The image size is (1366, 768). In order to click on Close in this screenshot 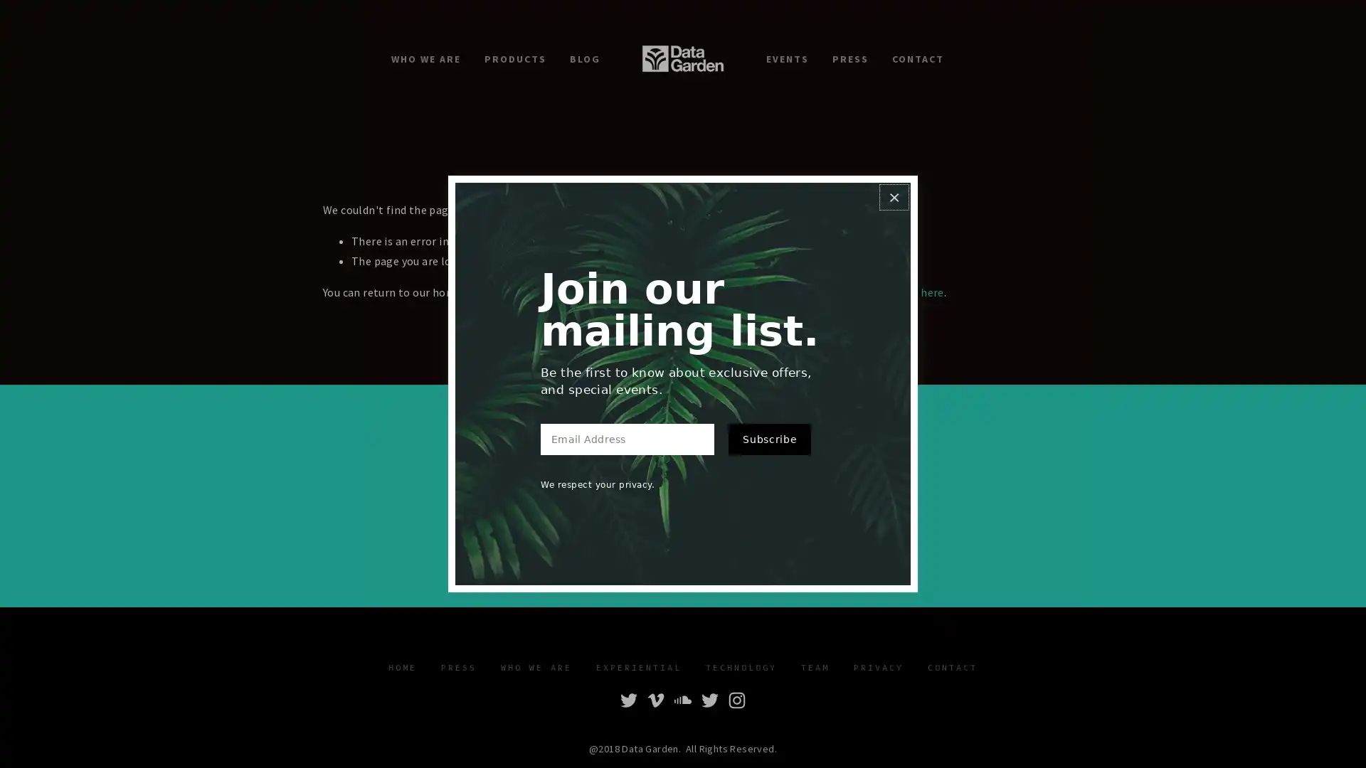, I will do `click(893, 197)`.